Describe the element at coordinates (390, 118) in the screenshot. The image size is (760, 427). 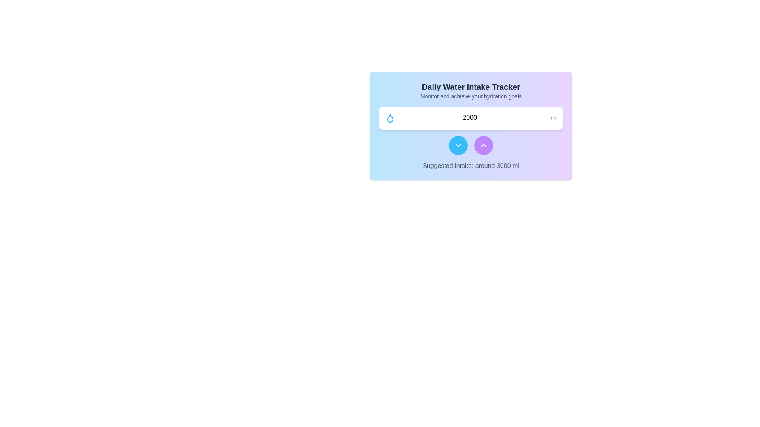
I see `the water intake icon, which is a decorative SVG graphic positioned to the left of the input field displaying '2000' in the Daily Water Intake Tracker card` at that location.